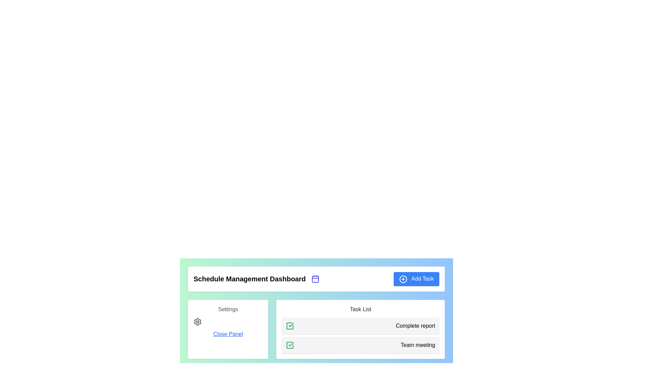 Image resolution: width=659 pixels, height=371 pixels. What do you see at coordinates (290, 345) in the screenshot?
I see `the background area adjacent to the graphical representation indicating task completion for the 'Complete Report' task in the task list` at bounding box center [290, 345].